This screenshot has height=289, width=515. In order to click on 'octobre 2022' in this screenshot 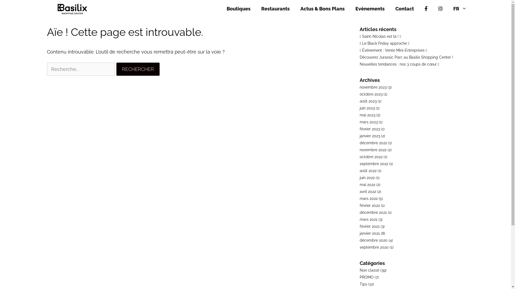, I will do `click(371, 157)`.